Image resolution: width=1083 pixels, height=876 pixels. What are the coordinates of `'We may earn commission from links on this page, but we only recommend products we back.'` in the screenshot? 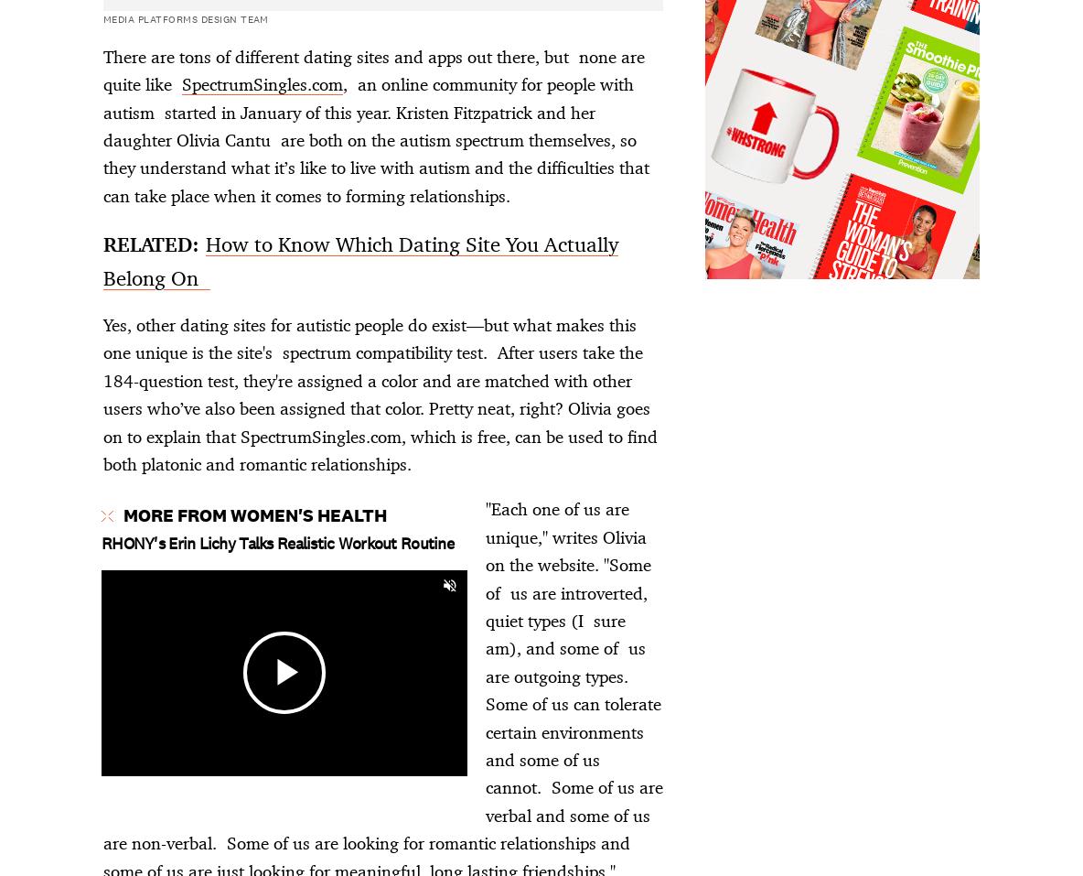 It's located at (304, 813).